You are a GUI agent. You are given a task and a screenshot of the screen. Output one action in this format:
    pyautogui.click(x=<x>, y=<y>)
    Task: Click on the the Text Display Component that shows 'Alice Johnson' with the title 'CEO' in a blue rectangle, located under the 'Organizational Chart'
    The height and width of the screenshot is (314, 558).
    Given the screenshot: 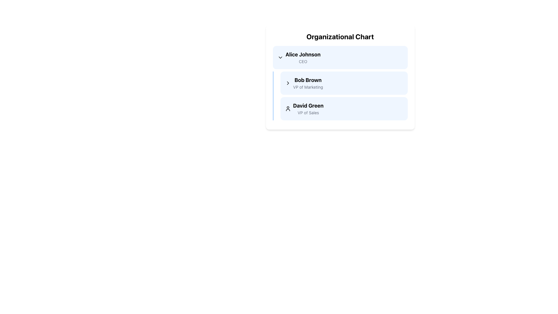 What is the action you would take?
    pyautogui.click(x=303, y=57)
    